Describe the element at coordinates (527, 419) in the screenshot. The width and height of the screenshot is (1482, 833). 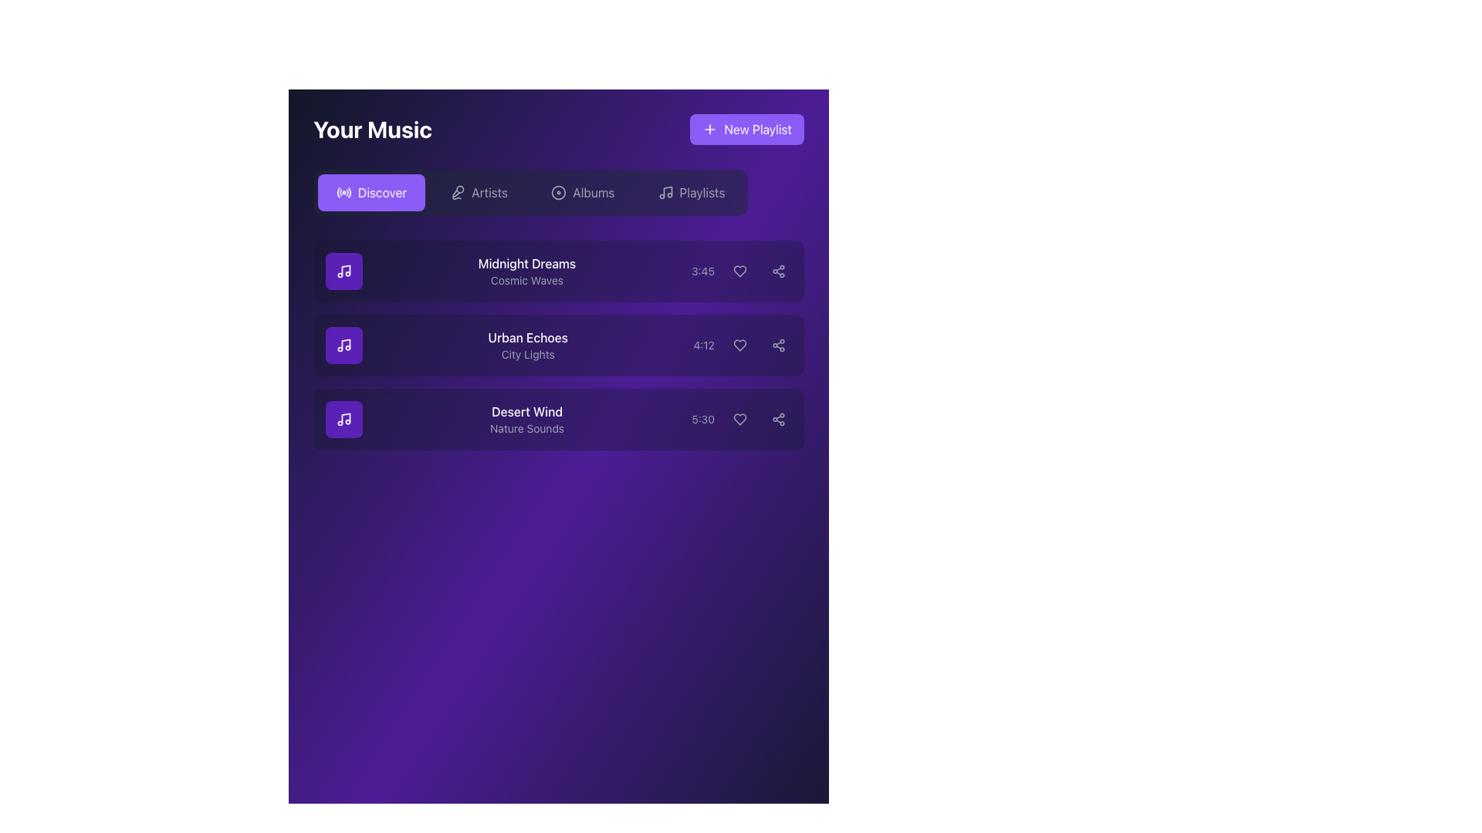
I see `to select the list item displaying 'Desert Wind' with 'Nature Sounds' on a purple gradient background, which is the third item in the 'Your Music' panel` at that location.